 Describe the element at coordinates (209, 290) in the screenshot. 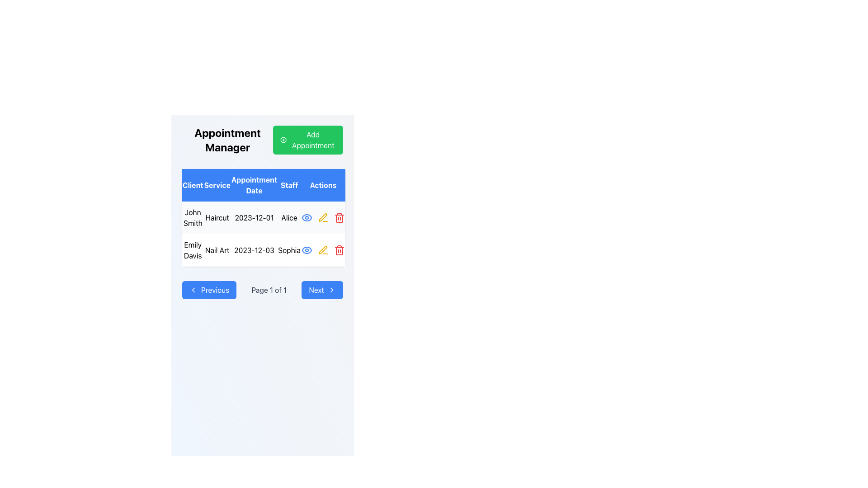

I see `the 'Previous' button with a blue background and white text, located in the bottom-left section of the navigation bar` at that location.